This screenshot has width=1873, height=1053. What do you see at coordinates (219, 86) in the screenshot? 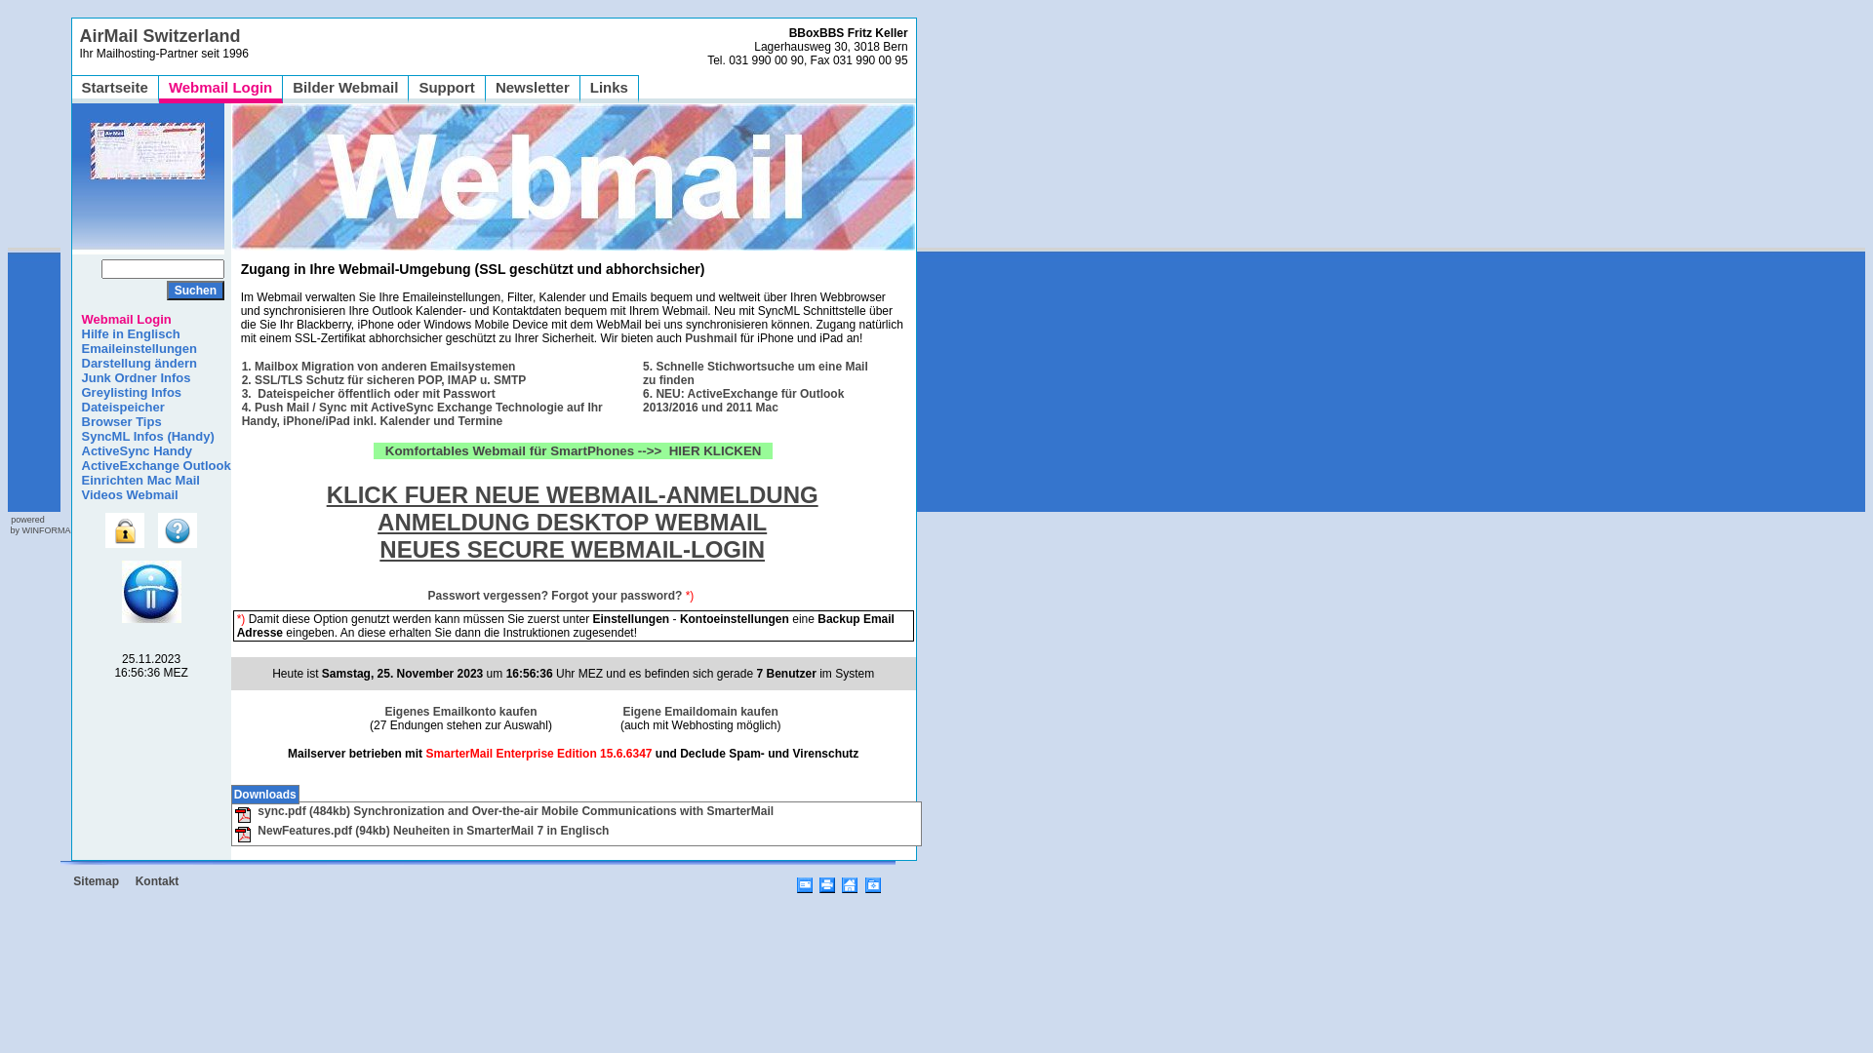
I see `'Webmail Login'` at bounding box center [219, 86].